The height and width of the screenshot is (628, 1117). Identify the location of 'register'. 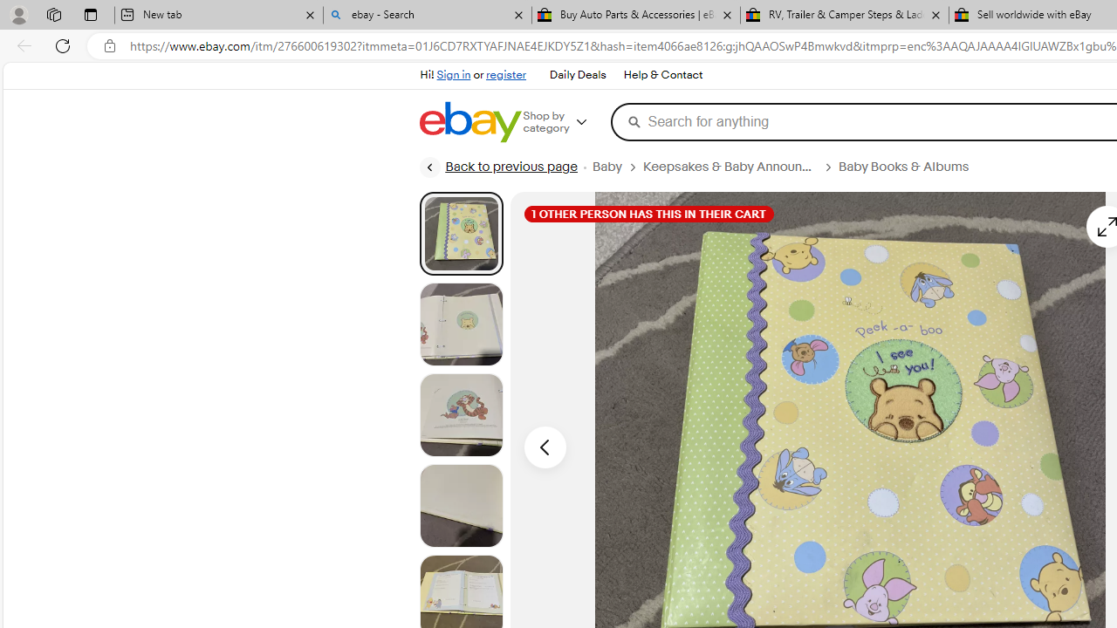
(504, 74).